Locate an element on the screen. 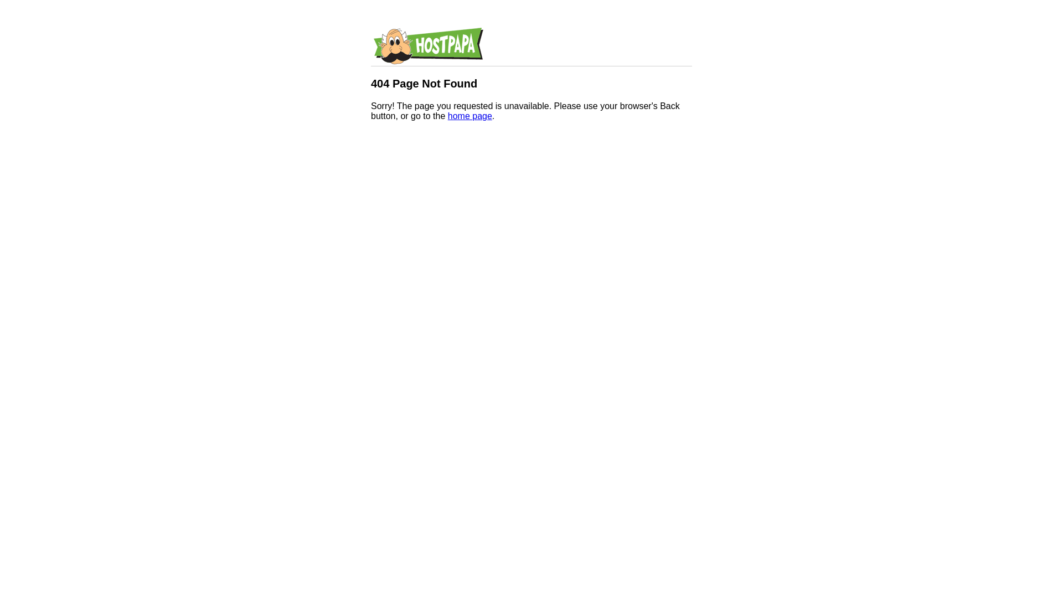 The height and width of the screenshot is (598, 1063). 'home page' is located at coordinates (448, 116).